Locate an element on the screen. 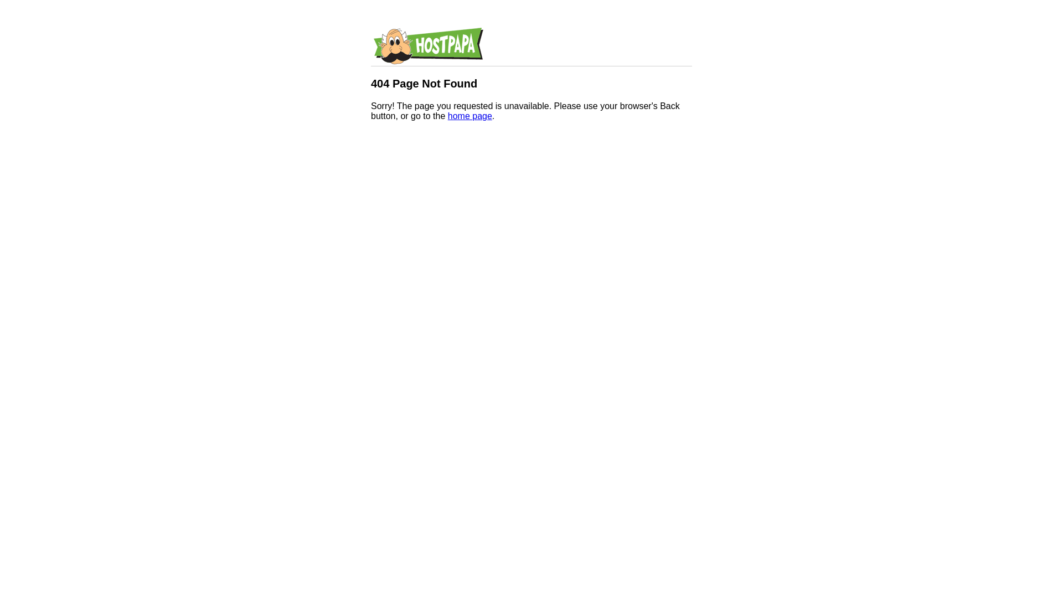 The height and width of the screenshot is (598, 1063). 'home page' is located at coordinates (448, 116).